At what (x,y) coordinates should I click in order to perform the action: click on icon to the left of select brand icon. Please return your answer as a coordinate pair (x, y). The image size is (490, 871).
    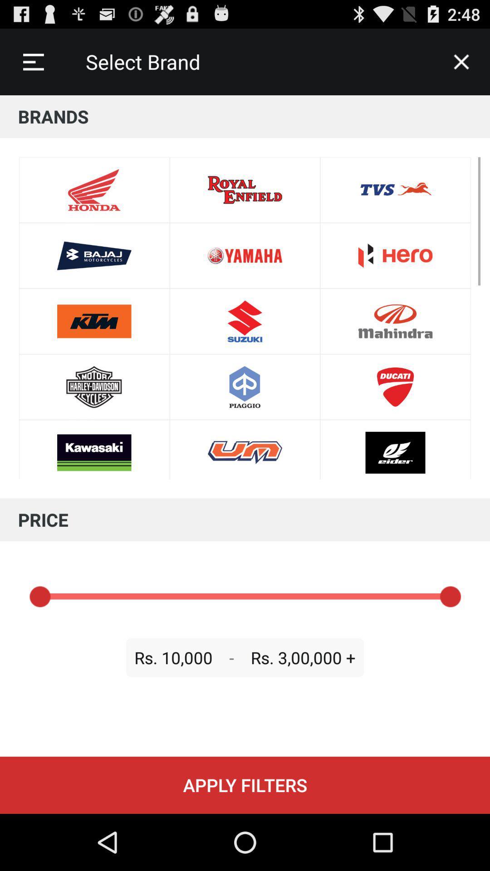
    Looking at the image, I should click on (33, 61).